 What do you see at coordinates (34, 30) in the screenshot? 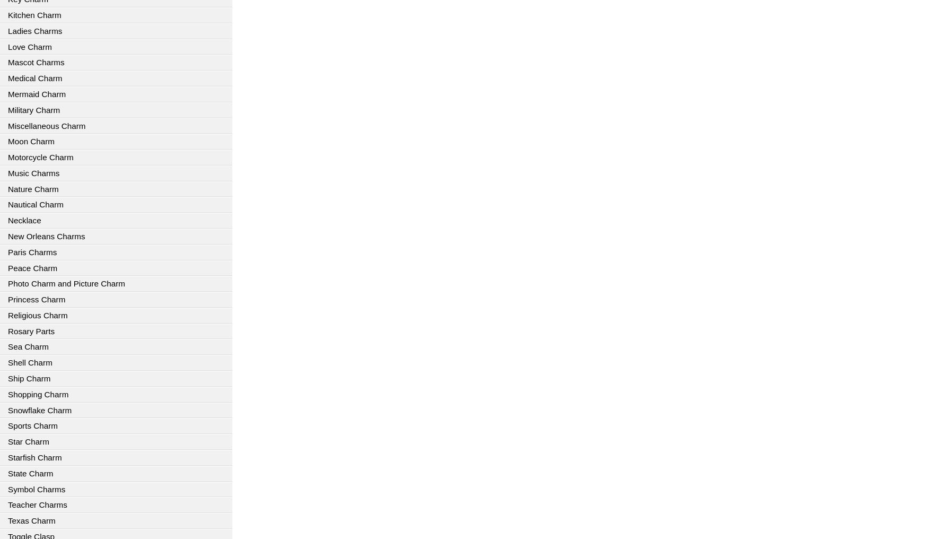
I see `'Ladies Charms'` at bounding box center [34, 30].